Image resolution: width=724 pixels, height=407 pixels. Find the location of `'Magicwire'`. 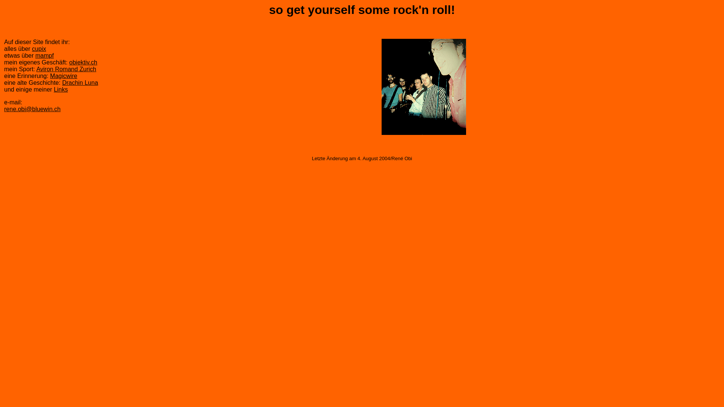

'Magicwire' is located at coordinates (63, 76).